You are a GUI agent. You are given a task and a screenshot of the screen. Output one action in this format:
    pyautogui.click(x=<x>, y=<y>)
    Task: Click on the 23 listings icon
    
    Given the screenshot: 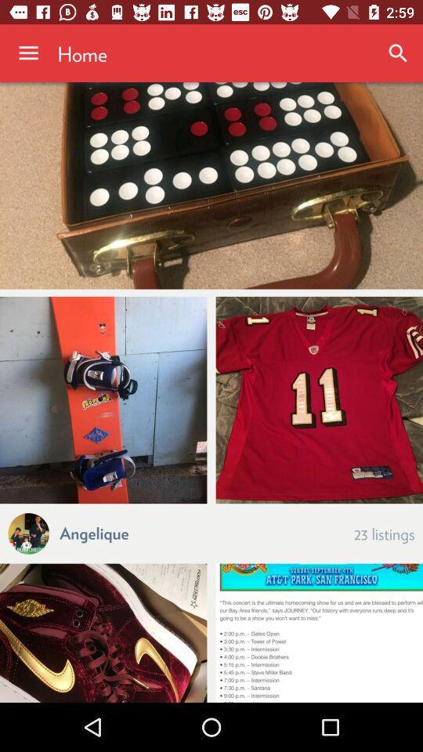 What is the action you would take?
    pyautogui.click(x=383, y=533)
    